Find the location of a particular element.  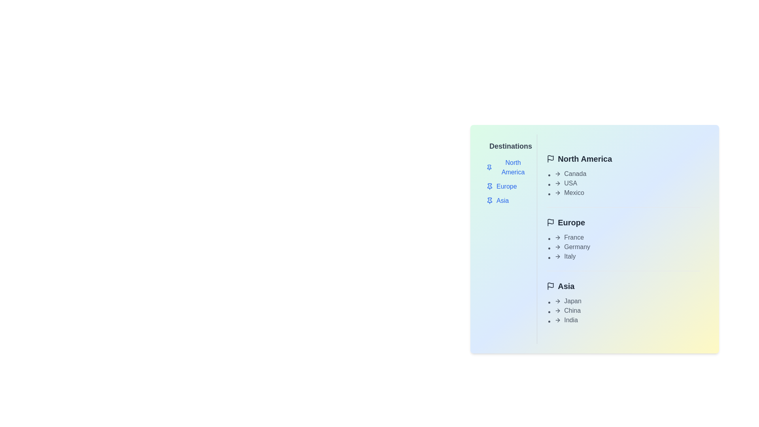

the rightward-pointing arrow icon next to the 'USA' label under the 'North America' section is located at coordinates (558, 183).